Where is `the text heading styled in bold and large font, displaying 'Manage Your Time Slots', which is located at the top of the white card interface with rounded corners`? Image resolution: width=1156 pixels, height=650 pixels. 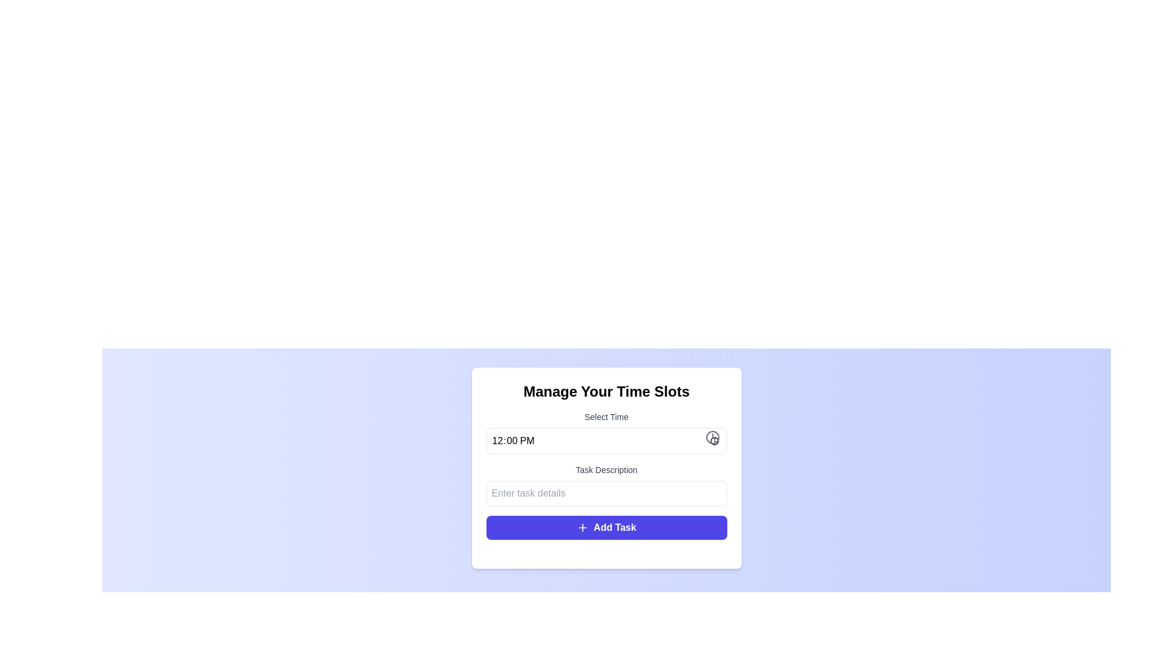
the text heading styled in bold and large font, displaying 'Manage Your Time Slots', which is located at the top of the white card interface with rounded corners is located at coordinates (606, 392).